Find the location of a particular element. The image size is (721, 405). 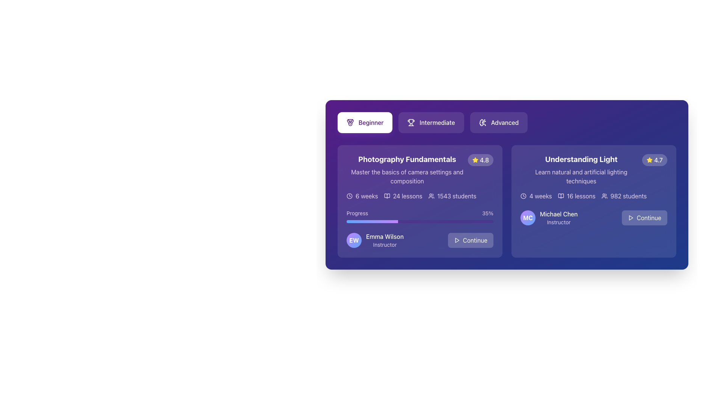

the decorative icon indicating the 'Beginner' status located in the 'Beginner' tab, positioned to the left of the text 'Beginner' is located at coordinates (350, 122).